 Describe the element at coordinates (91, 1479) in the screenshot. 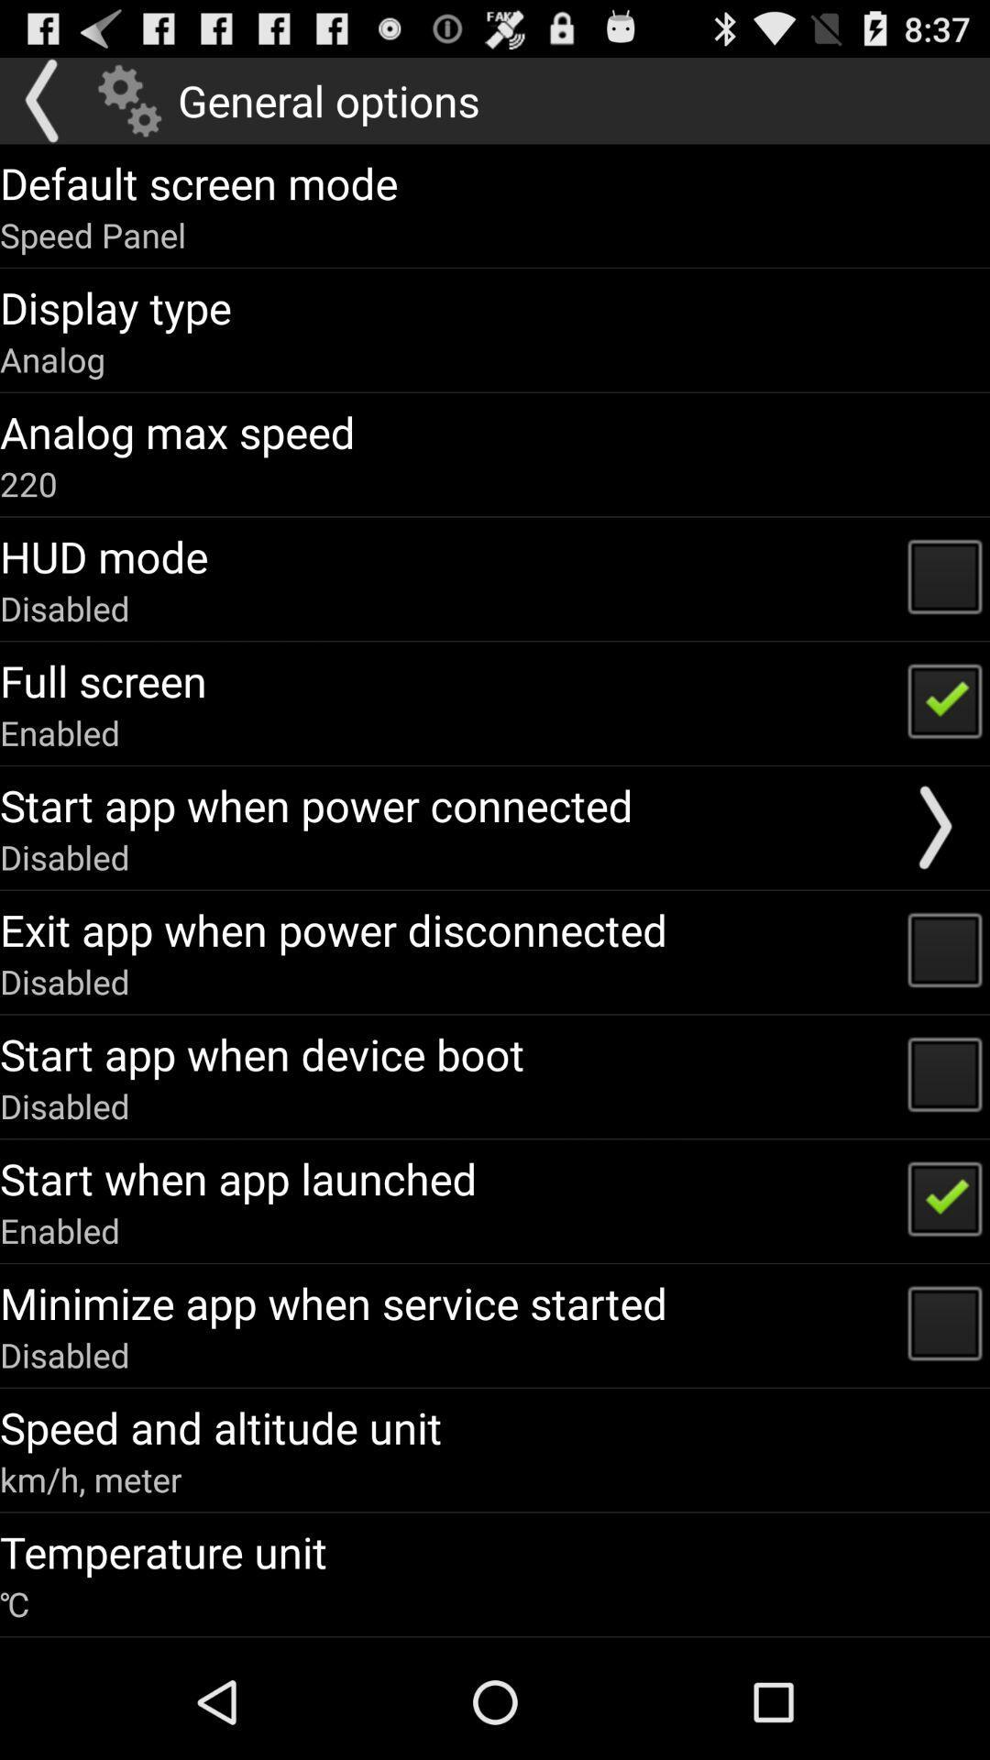

I see `km/h, meter icon` at that location.